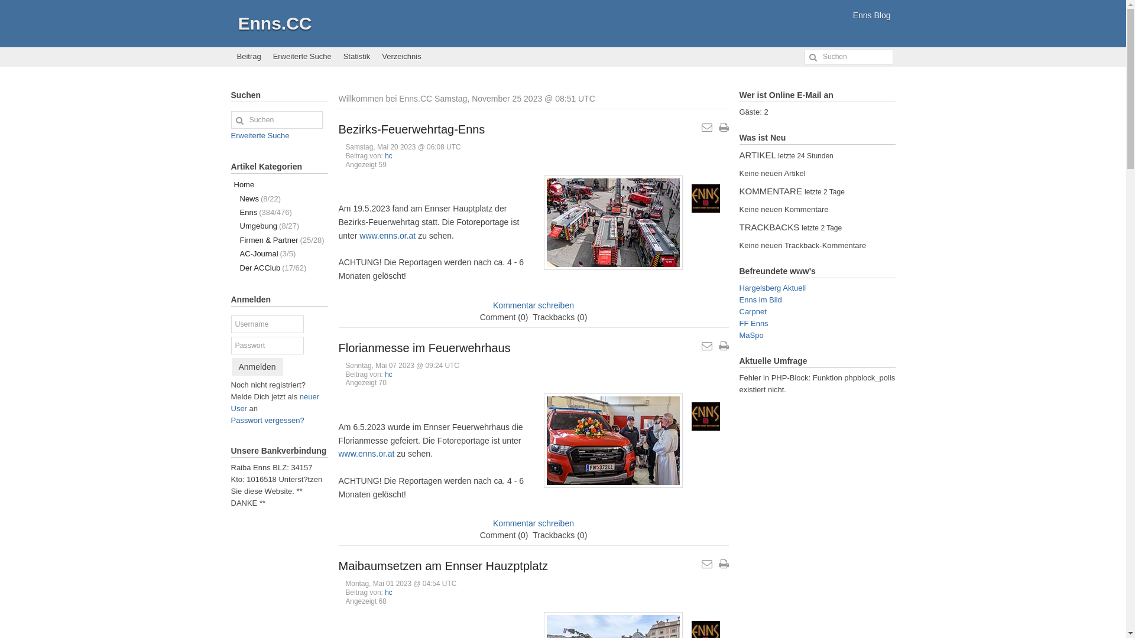 Image resolution: width=1135 pixels, height=638 pixels. I want to click on 'Umgebung(8/27)', so click(278, 226).